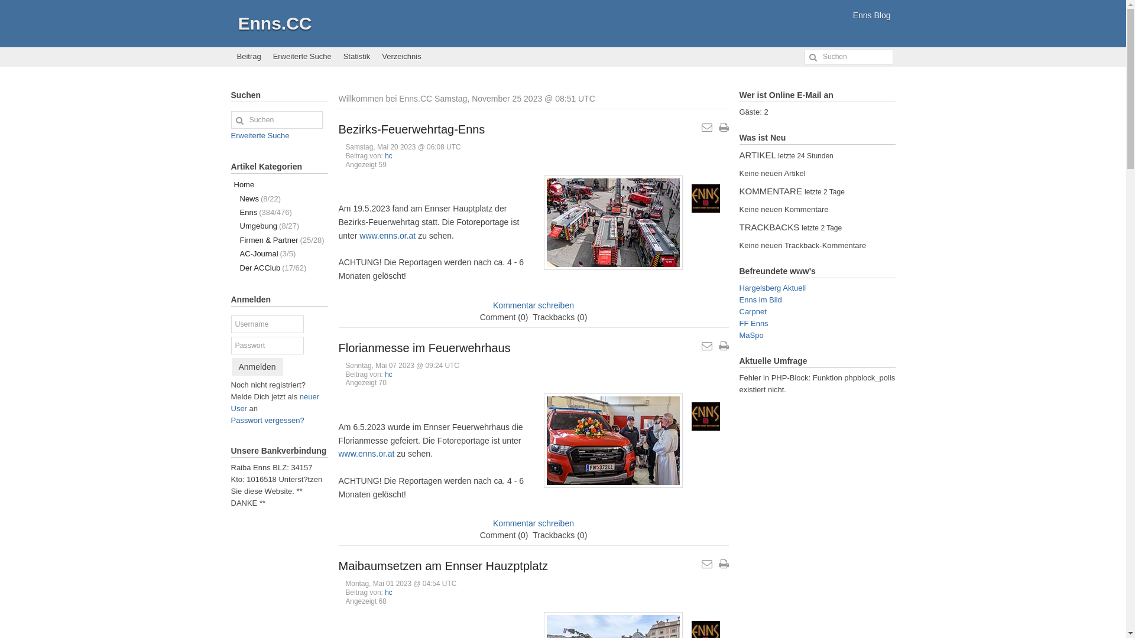 Image resolution: width=1135 pixels, height=638 pixels. I want to click on 'Umgebung(8/27)', so click(278, 226).